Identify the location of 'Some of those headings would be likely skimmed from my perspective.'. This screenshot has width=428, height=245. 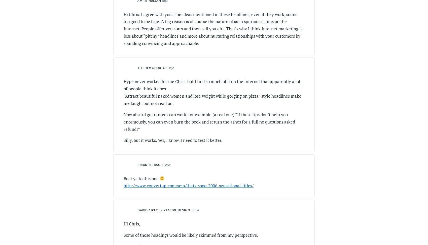
(191, 235).